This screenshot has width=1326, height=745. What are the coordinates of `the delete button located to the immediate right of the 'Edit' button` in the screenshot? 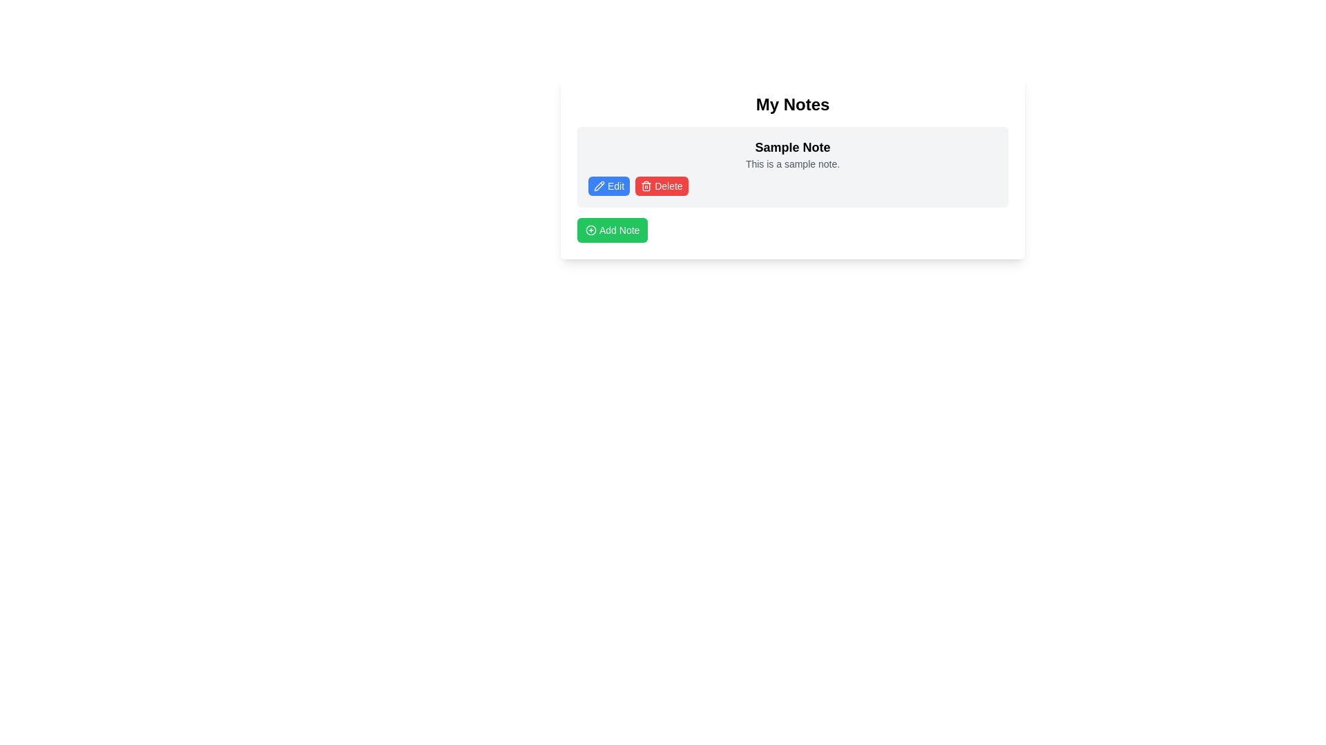 It's located at (661, 186).